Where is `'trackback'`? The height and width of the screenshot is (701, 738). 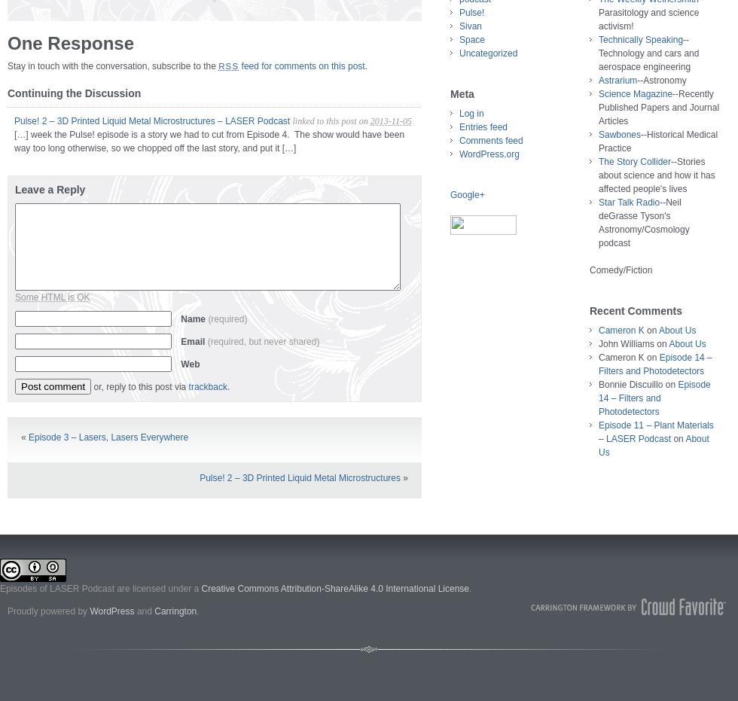 'trackback' is located at coordinates (207, 387).